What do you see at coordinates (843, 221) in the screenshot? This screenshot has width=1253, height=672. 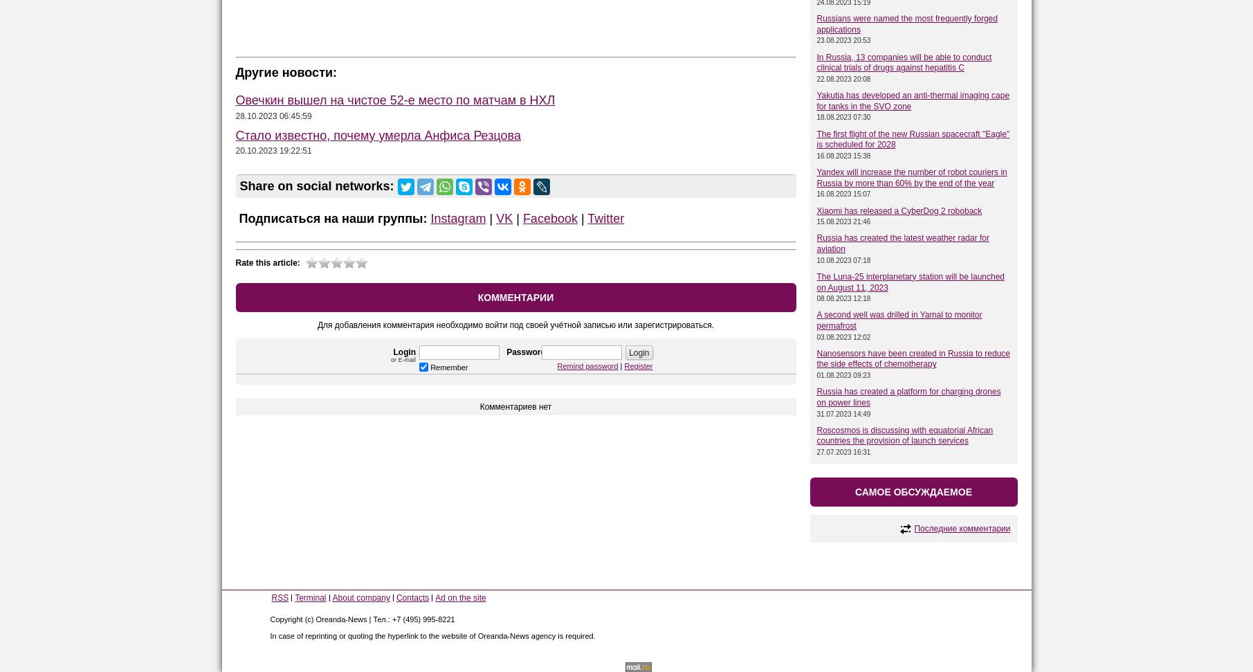 I see `'15.08.2023 21:46'` at bounding box center [843, 221].